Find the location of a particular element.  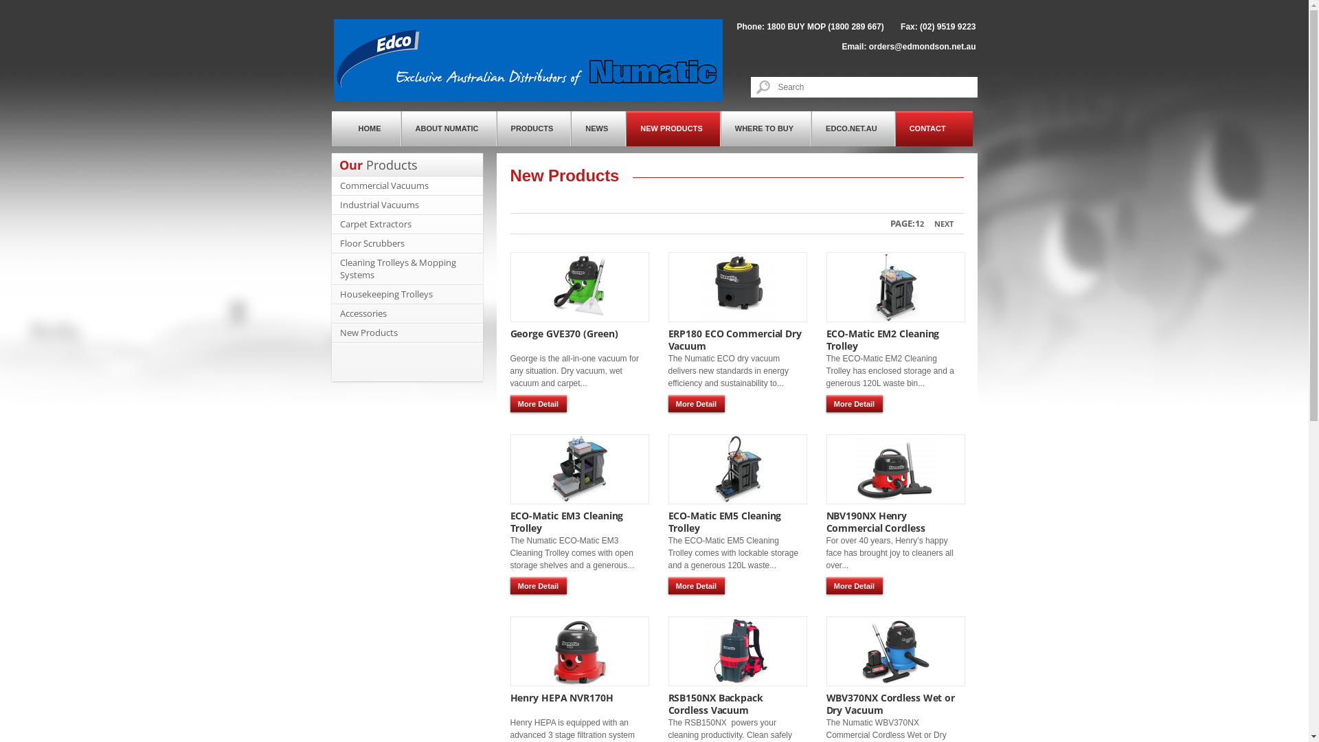

'Commercial Vacuums' is located at coordinates (383, 185).